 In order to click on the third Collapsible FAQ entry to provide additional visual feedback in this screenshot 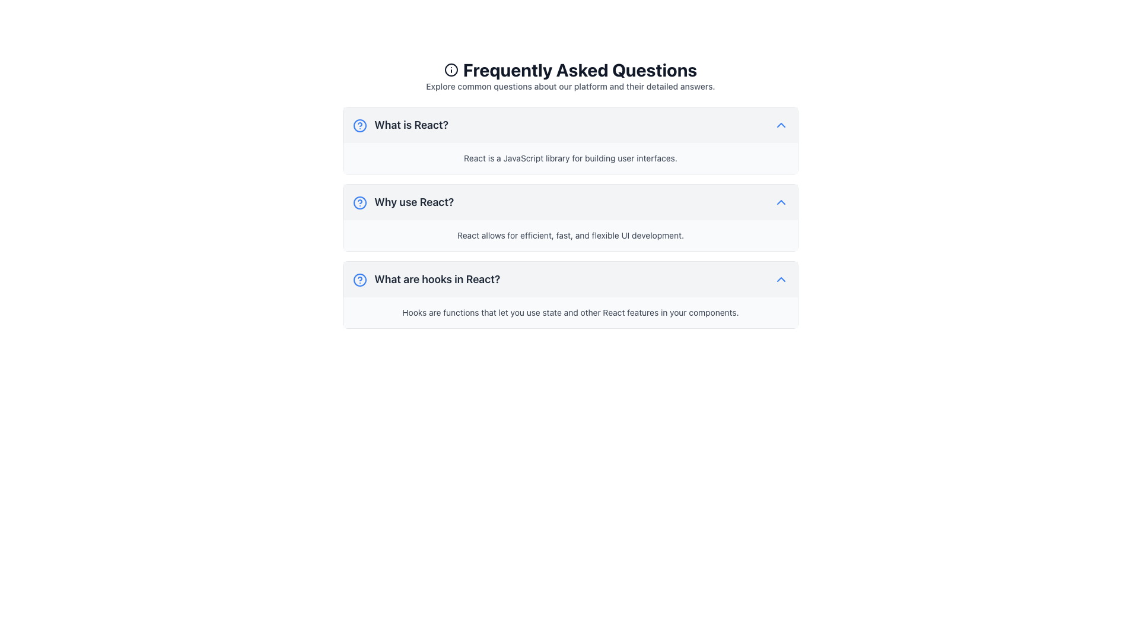, I will do `click(570, 294)`.